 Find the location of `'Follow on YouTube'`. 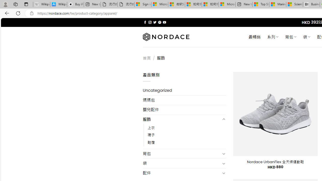

'Follow on YouTube' is located at coordinates (164, 22).